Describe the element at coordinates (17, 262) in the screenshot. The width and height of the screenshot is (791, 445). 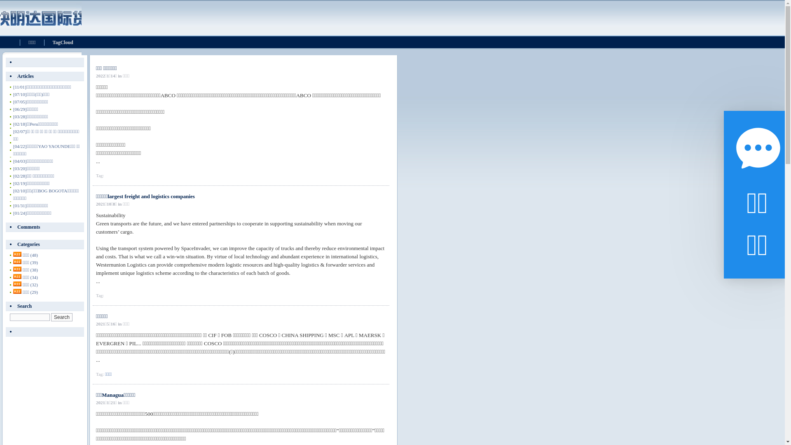
I see `'rss'` at that location.